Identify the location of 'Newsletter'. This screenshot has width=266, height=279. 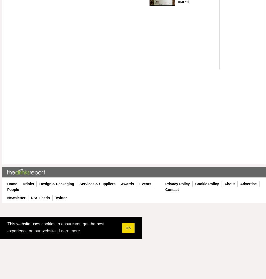
(16, 198).